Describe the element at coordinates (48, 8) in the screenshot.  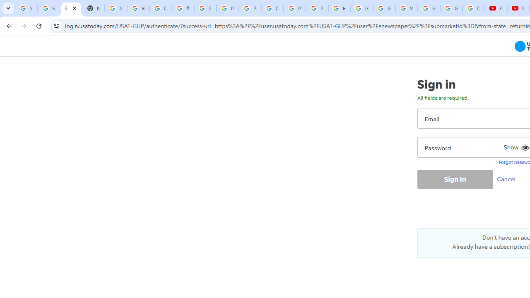
I see `'Sign in - Google Accounts'` at that location.